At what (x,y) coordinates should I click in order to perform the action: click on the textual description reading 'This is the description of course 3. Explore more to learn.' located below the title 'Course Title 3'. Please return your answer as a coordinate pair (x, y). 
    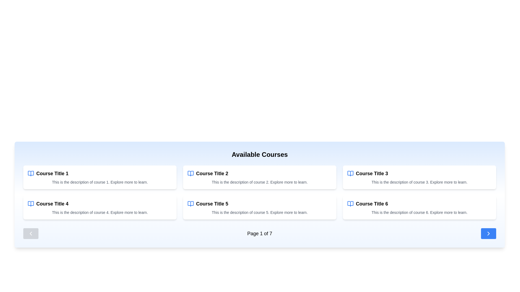
    Looking at the image, I should click on (419, 182).